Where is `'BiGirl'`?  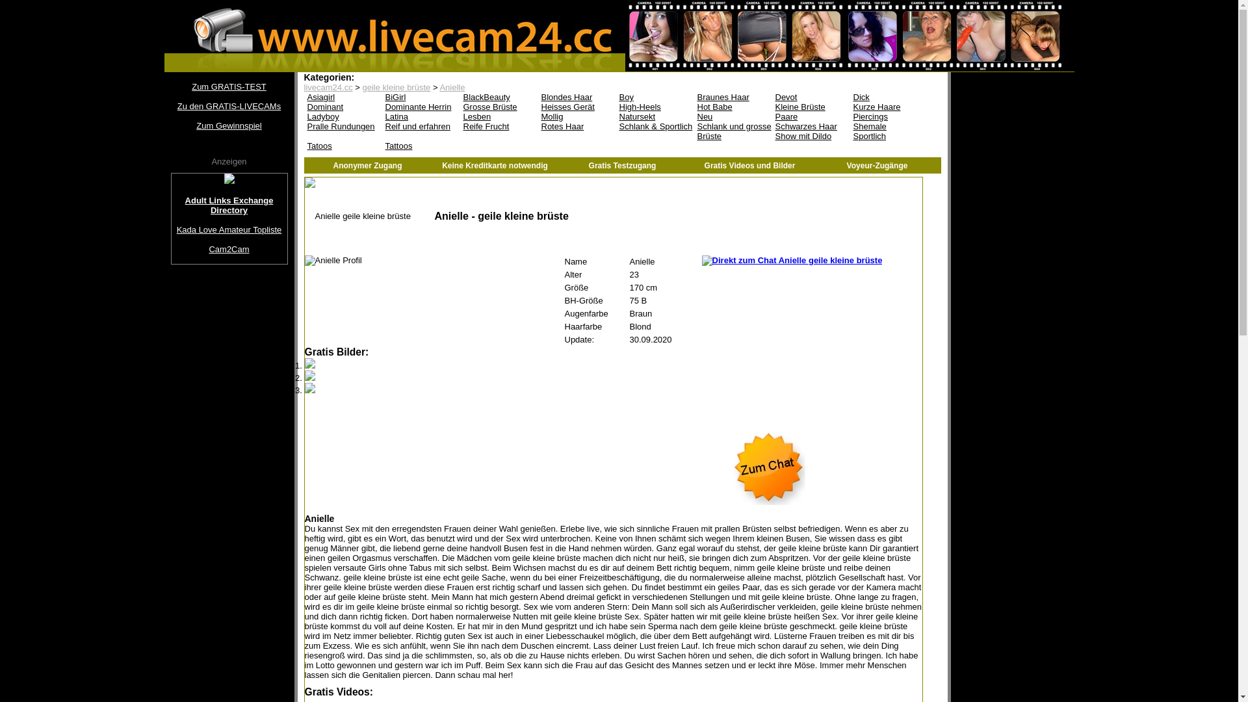 'BiGirl' is located at coordinates (421, 96).